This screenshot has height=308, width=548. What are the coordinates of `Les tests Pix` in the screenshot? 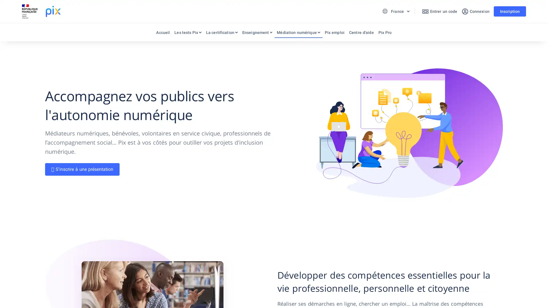 It's located at (188, 34).